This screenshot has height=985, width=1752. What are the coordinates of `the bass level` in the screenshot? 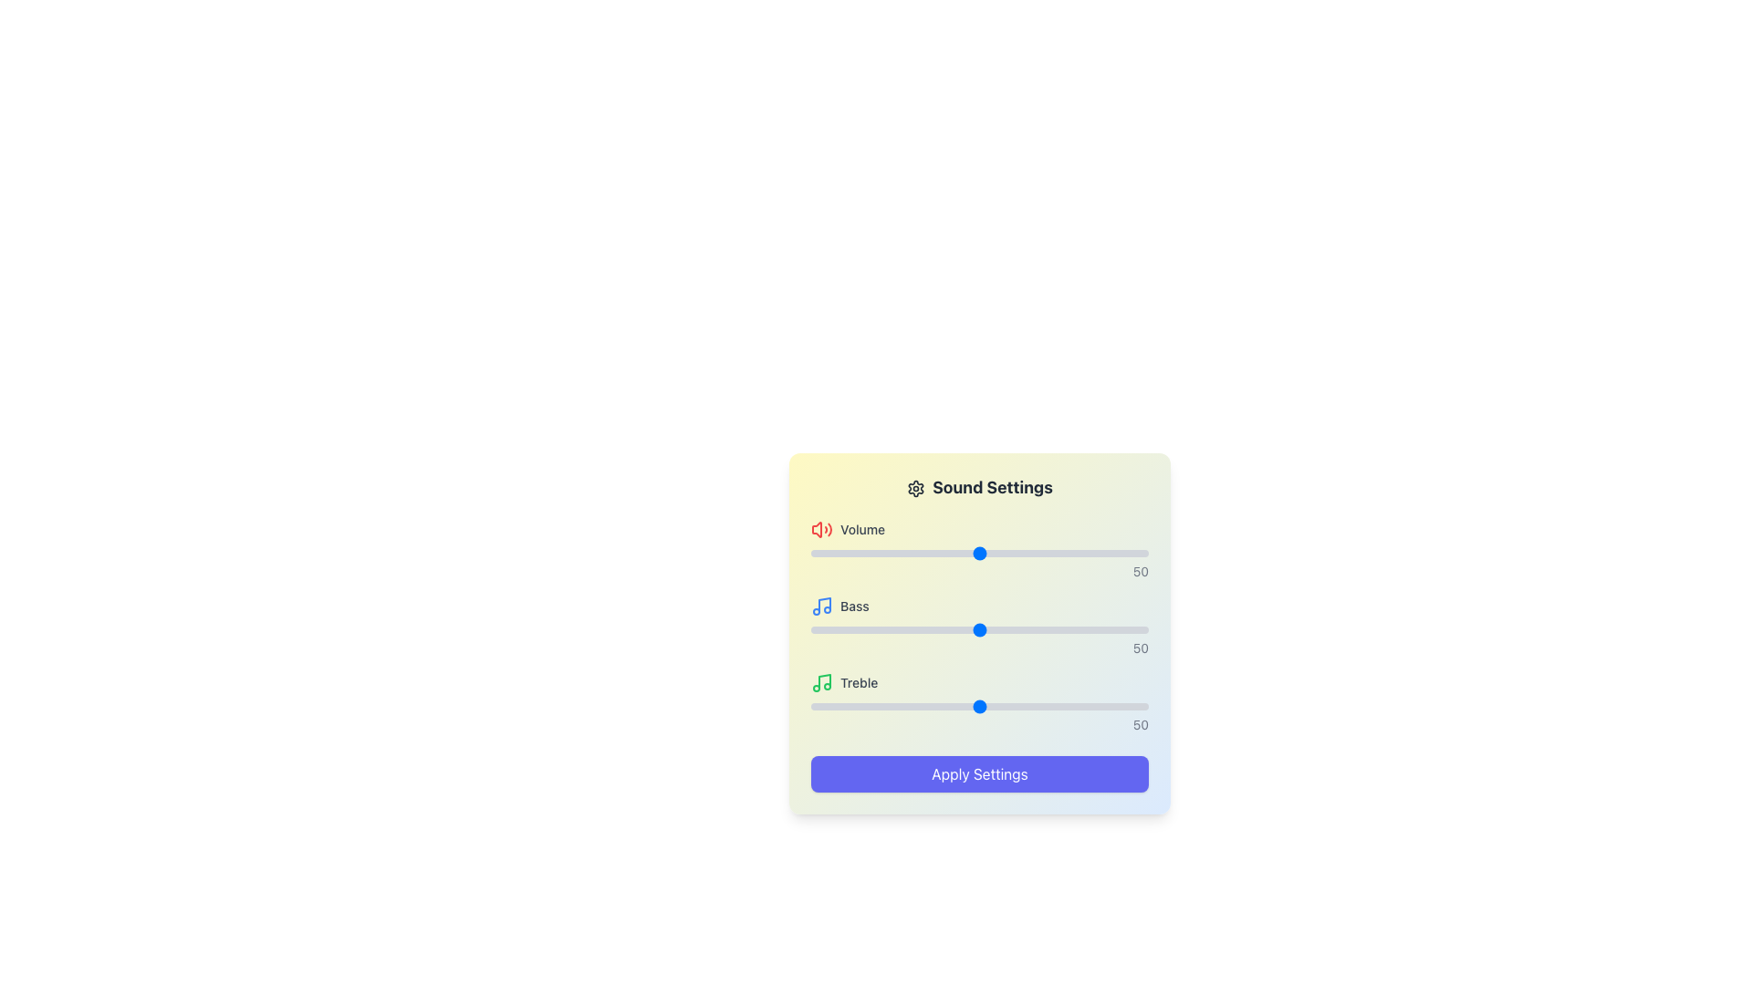 It's located at (1141, 628).